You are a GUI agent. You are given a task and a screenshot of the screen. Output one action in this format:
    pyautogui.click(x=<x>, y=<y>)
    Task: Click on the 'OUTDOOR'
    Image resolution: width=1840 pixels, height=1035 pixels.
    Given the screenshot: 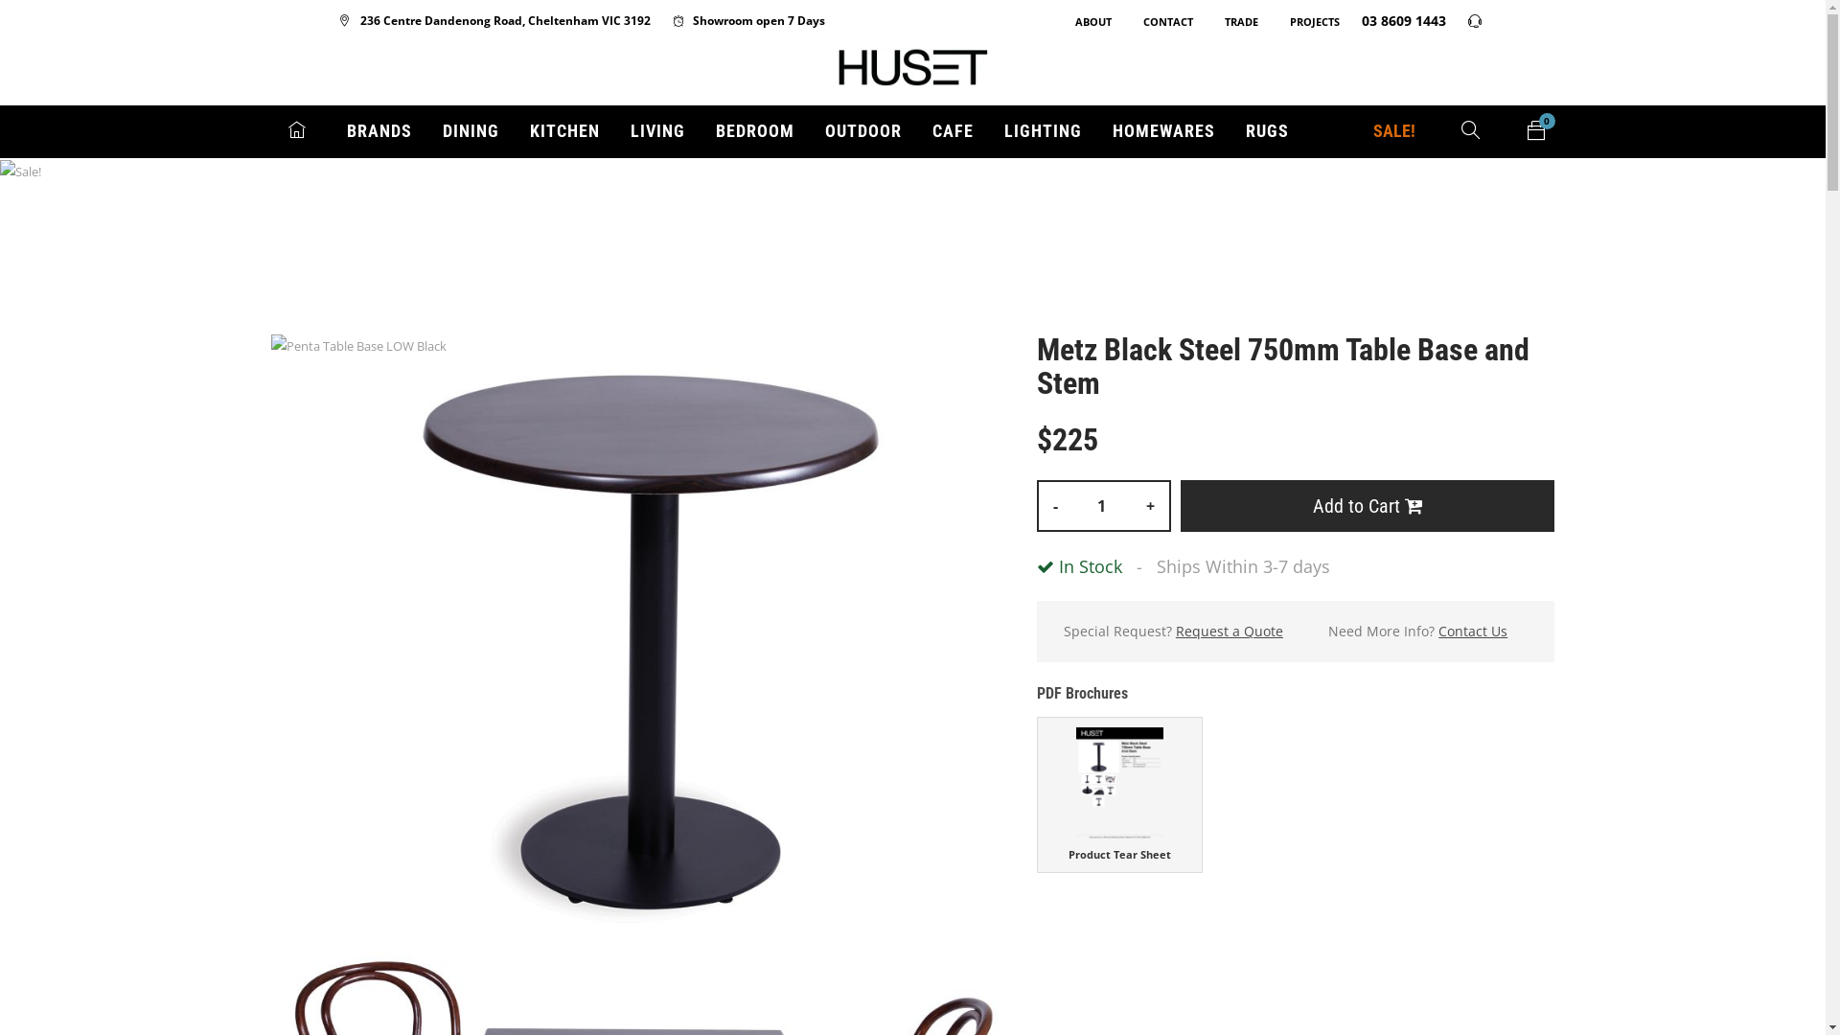 What is the action you would take?
    pyautogui.click(x=862, y=130)
    